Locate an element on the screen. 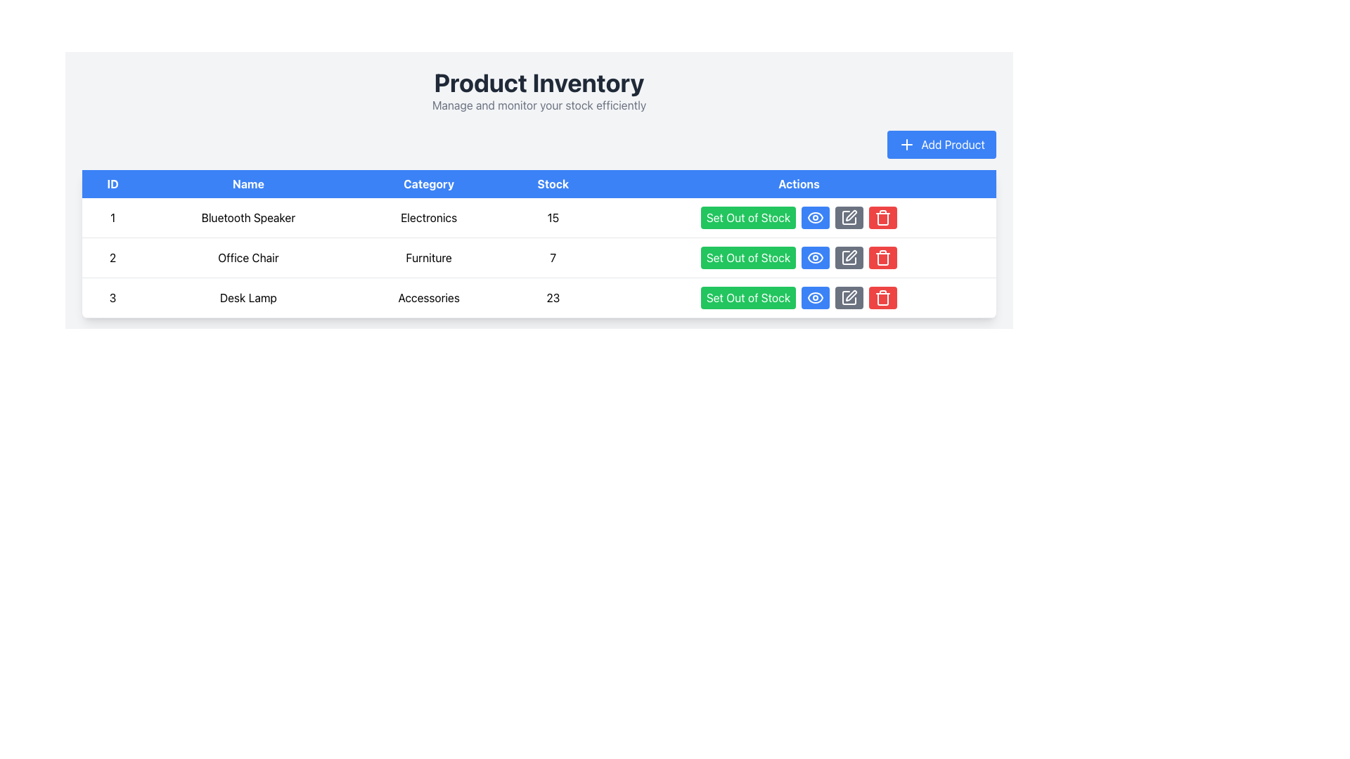 Image resolution: width=1350 pixels, height=759 pixels. the edit button with a dark gray background and white text, located in the 'Actions' column of the product table, third row is located at coordinates (849, 217).